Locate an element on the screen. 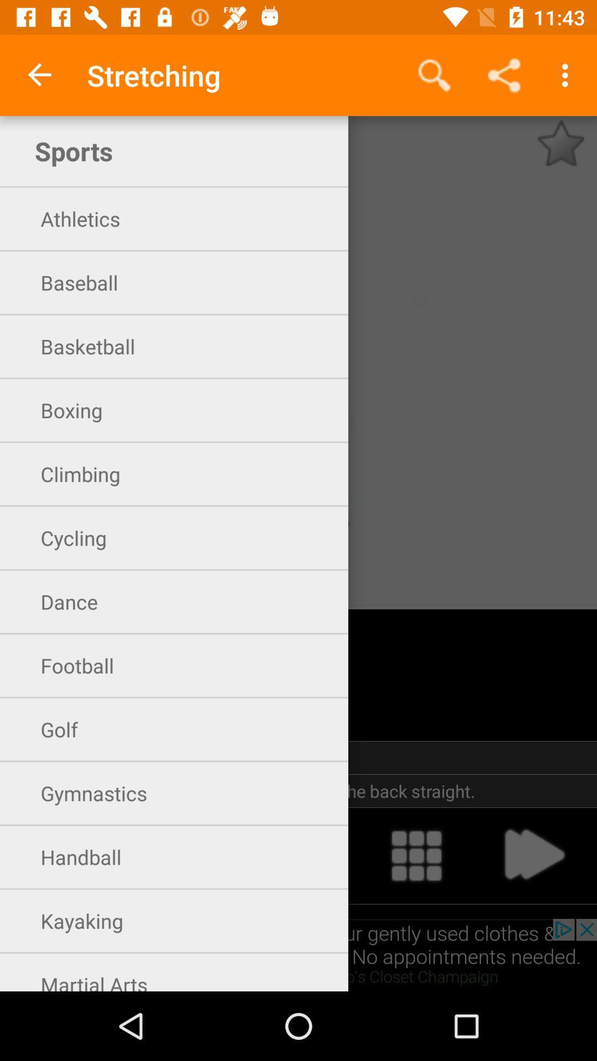 The height and width of the screenshot is (1061, 597). app next to the stretching app is located at coordinates (434, 75).